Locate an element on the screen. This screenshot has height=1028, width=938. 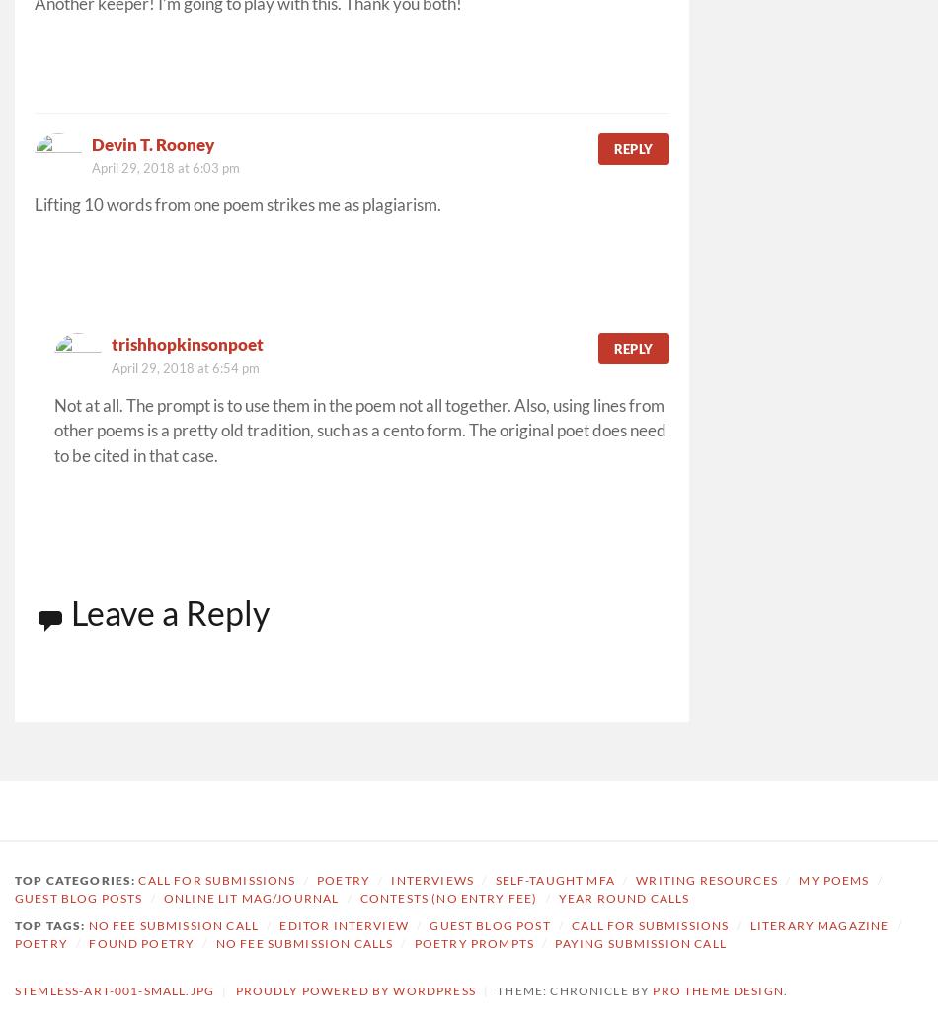
'Guest Blog Posts' is located at coordinates (78, 897).